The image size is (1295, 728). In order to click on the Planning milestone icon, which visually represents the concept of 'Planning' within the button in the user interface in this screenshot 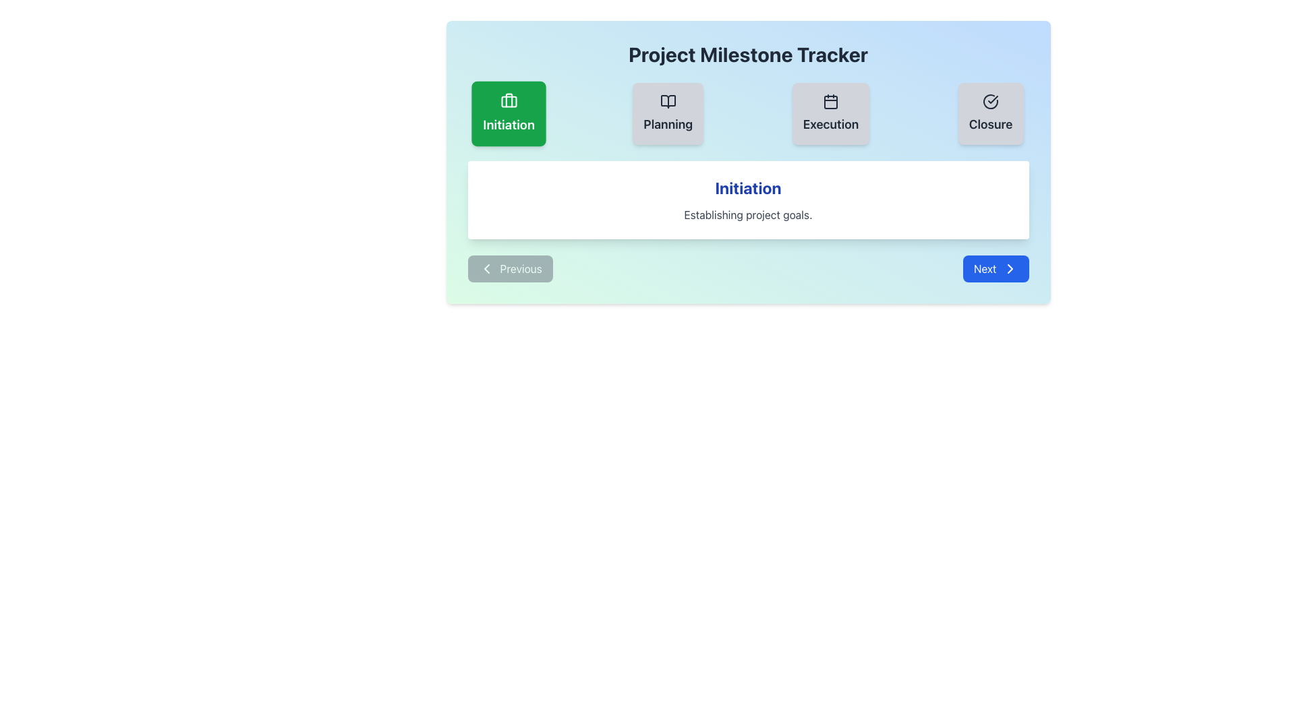, I will do `click(668, 100)`.